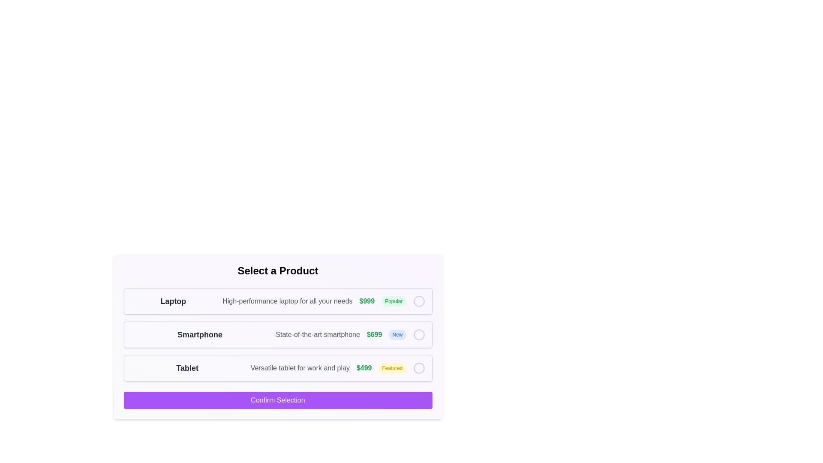 The width and height of the screenshot is (823, 463). Describe the element at coordinates (367, 301) in the screenshot. I see `price information from the bold green-texted price label "$999" located within the card listing "Laptop", positioned between the descriptive text and the badge labeled "Popular"` at that location.